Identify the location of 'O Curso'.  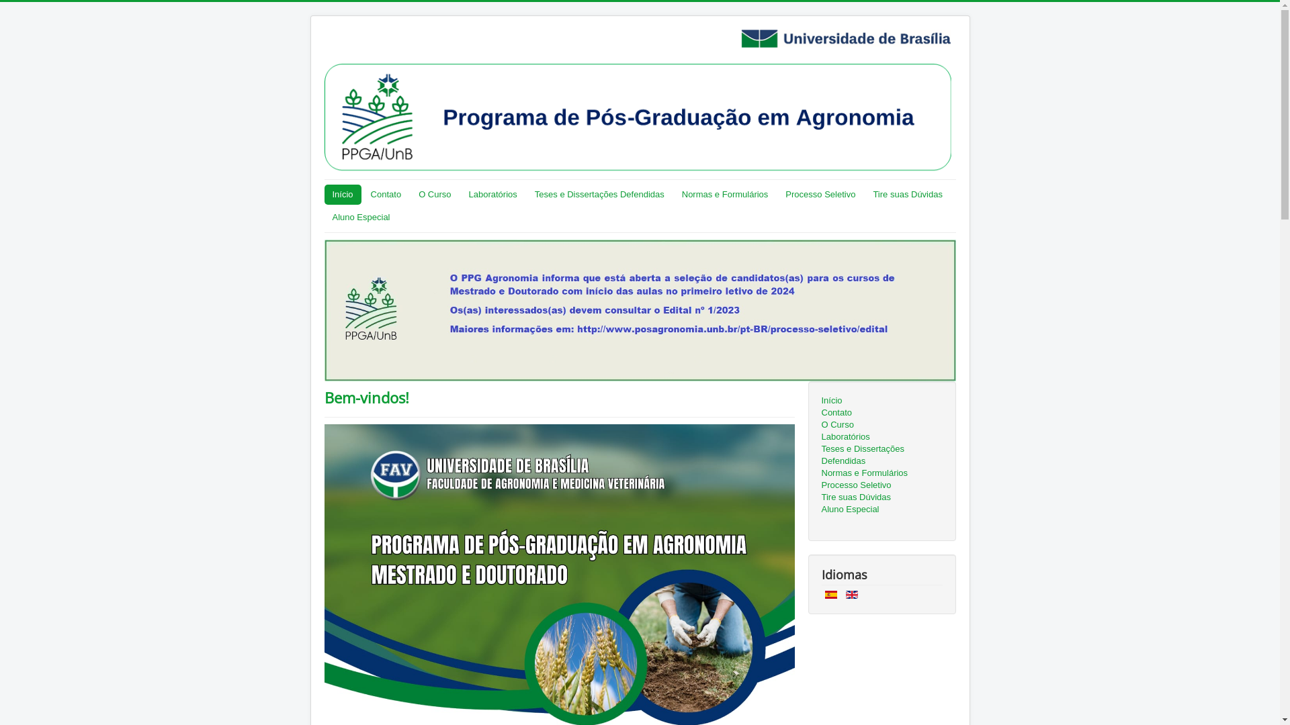
(881, 424).